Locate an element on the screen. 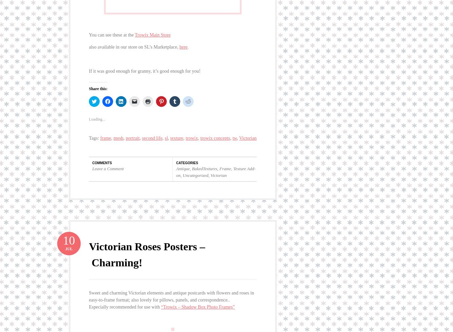 The width and height of the screenshot is (453, 332). '“Trowix – Shadow Box Photo Frames”' is located at coordinates (198, 302).